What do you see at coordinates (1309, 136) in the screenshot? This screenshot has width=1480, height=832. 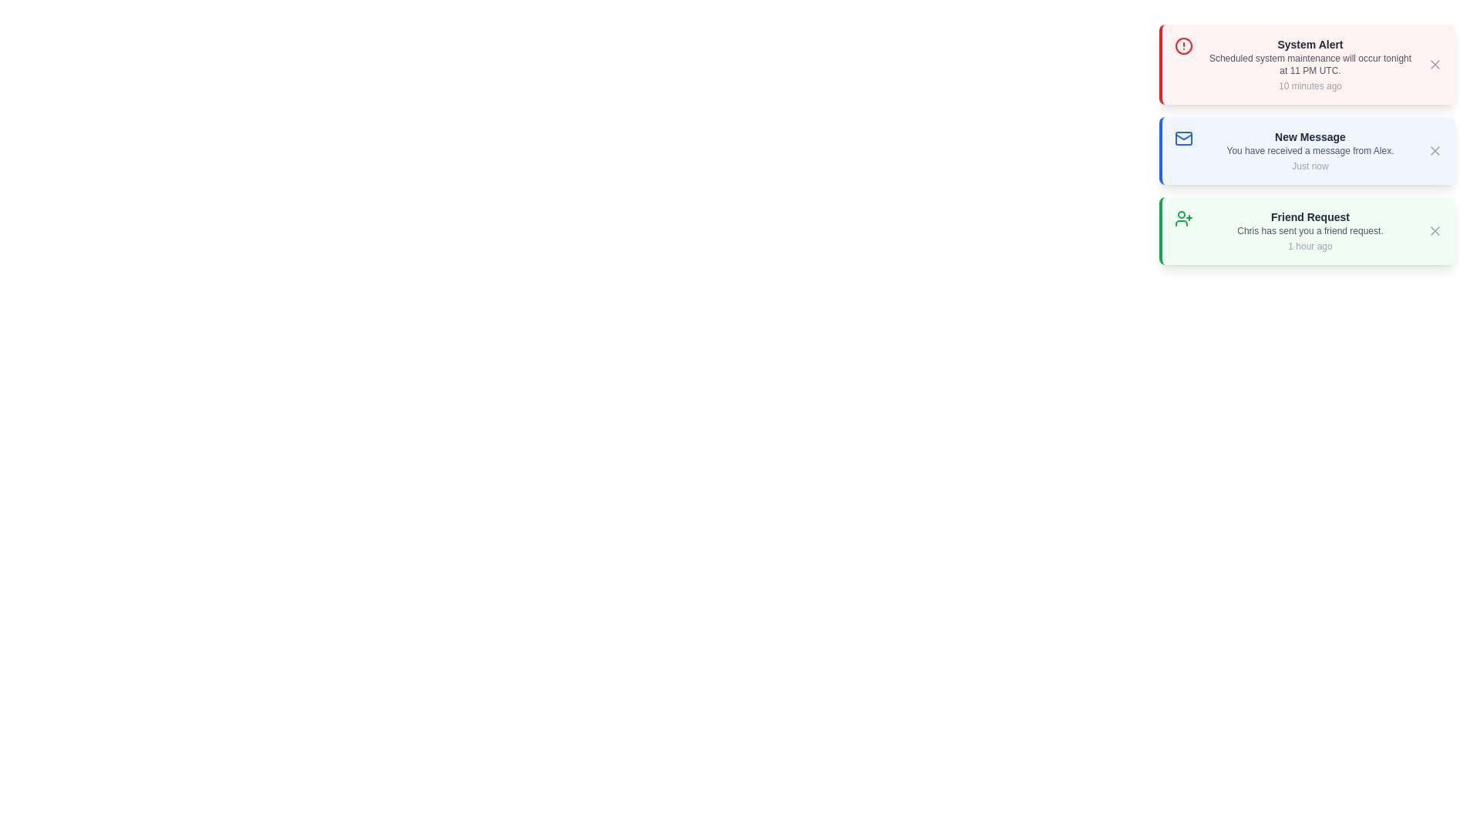 I see `the bold, dark gray text label reading 'New Message' at the top of the notification card` at bounding box center [1309, 136].